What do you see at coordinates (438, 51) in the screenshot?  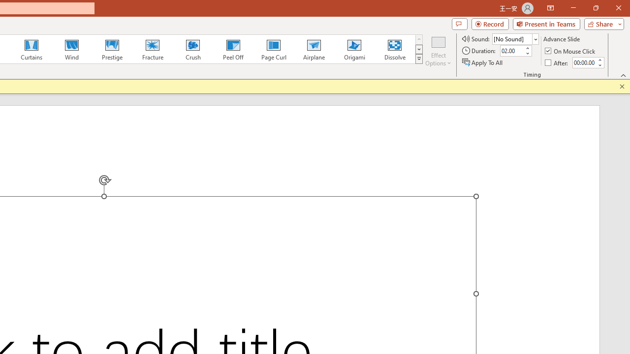 I see `'Effect Options'` at bounding box center [438, 51].